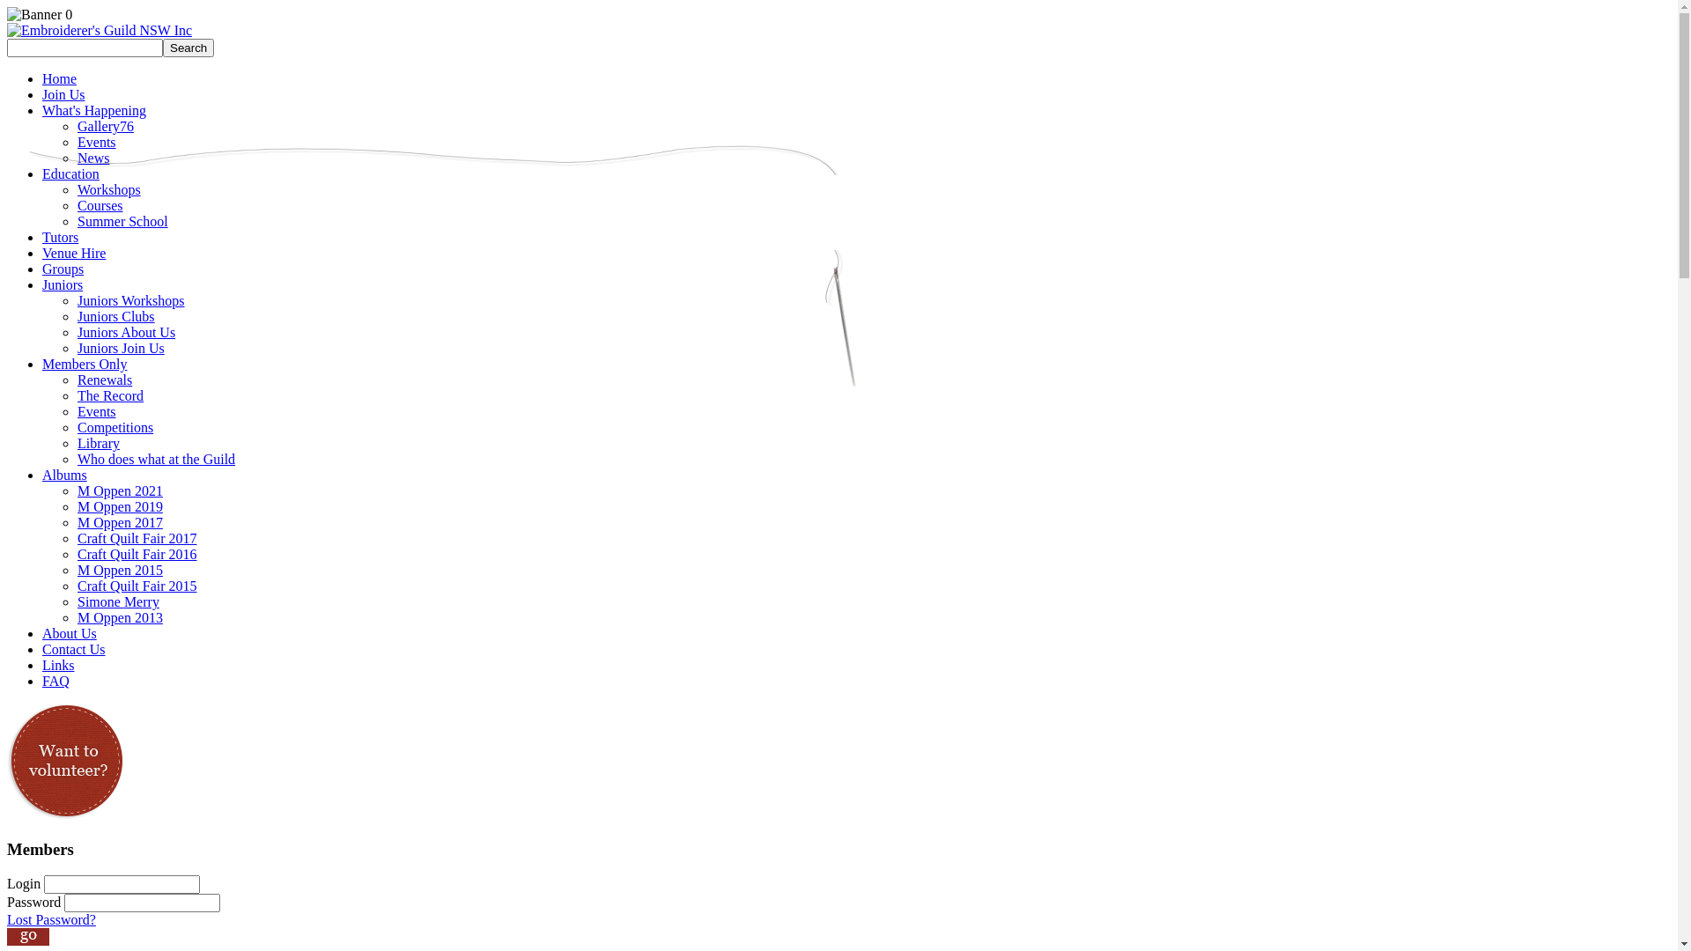 This screenshot has width=1691, height=951. Describe the element at coordinates (109, 394) in the screenshot. I see `'The Record'` at that location.